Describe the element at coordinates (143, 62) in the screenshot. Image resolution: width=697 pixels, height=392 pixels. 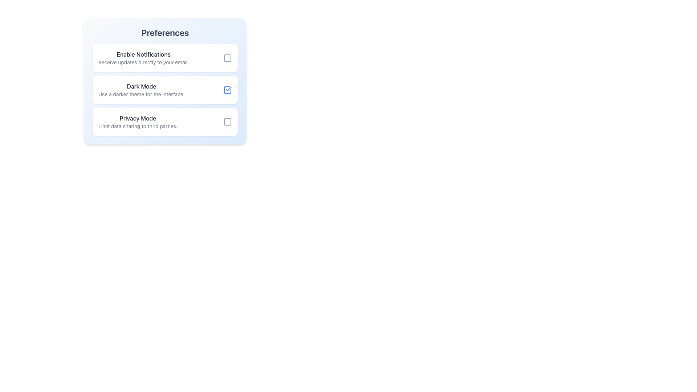
I see `the text label that says 'Receive updates directly to your email.', which is styled simply in gray and positioned below the 'Enable Notifications' label` at that location.